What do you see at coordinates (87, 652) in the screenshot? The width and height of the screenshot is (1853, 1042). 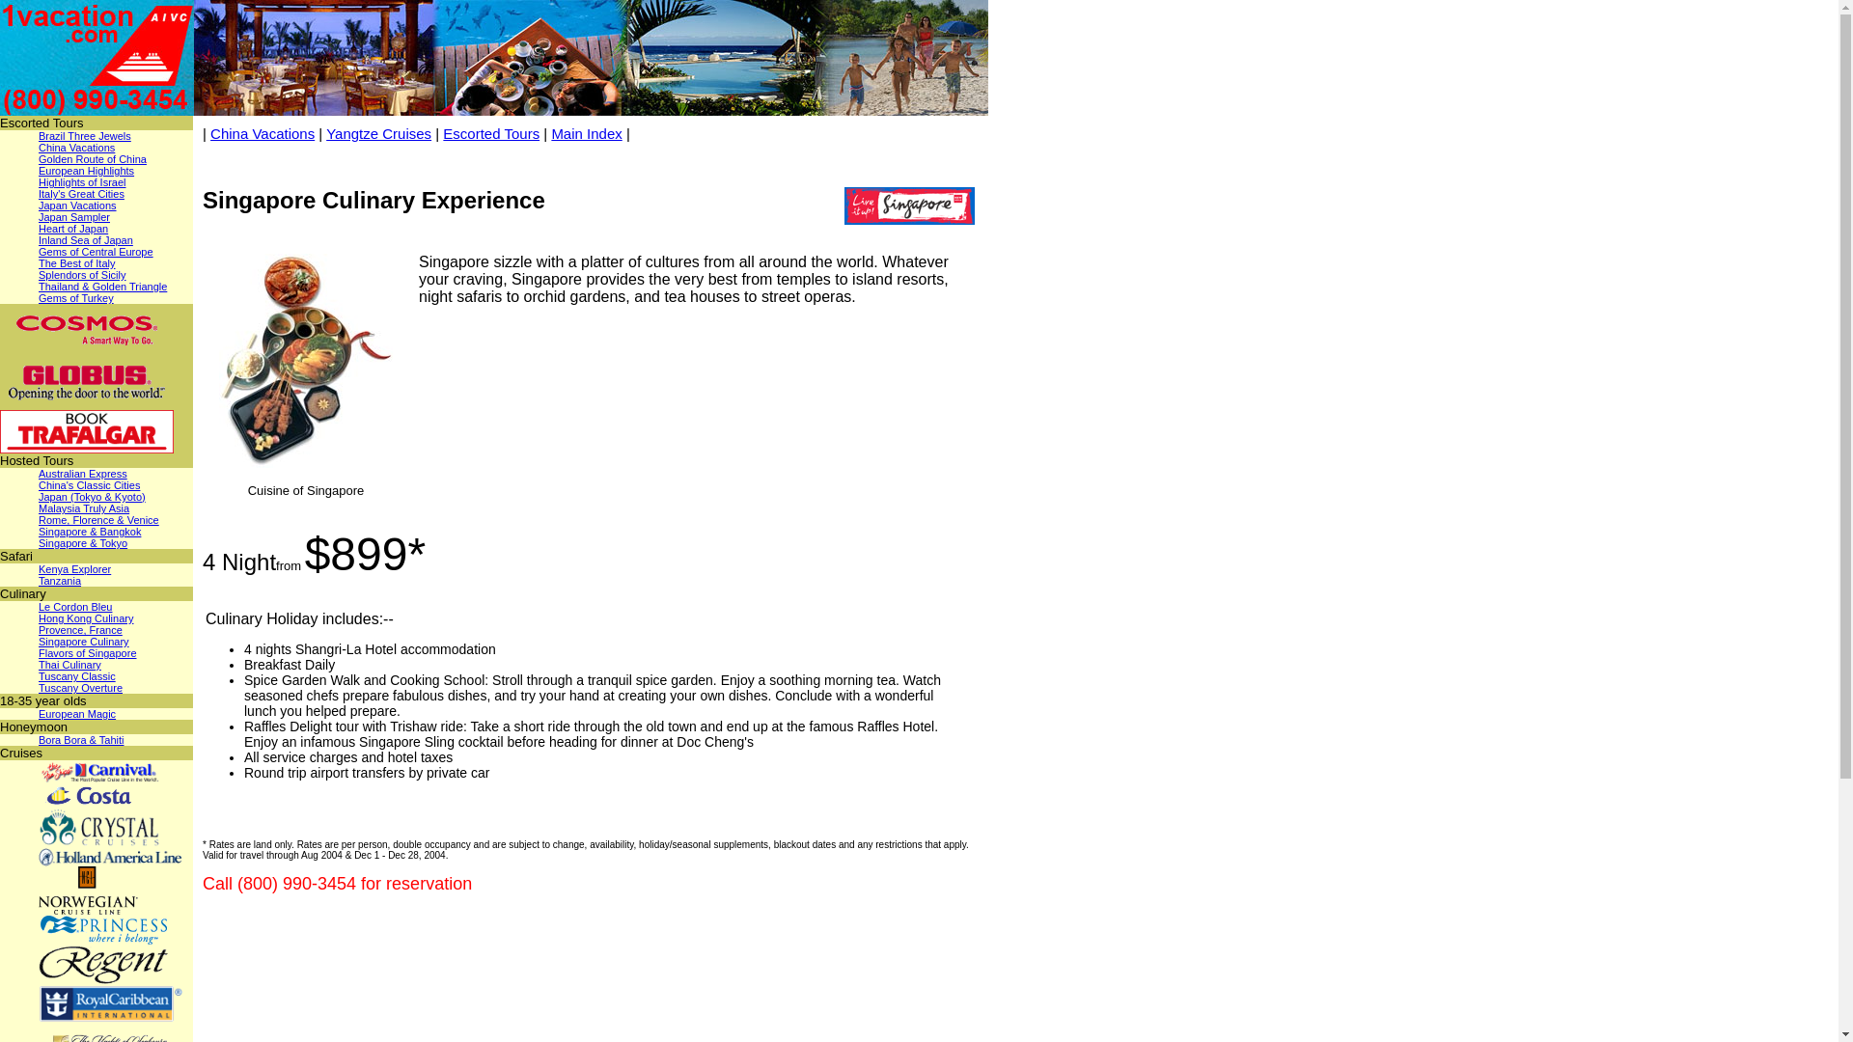 I see `'Flavors of Singapore'` at bounding box center [87, 652].